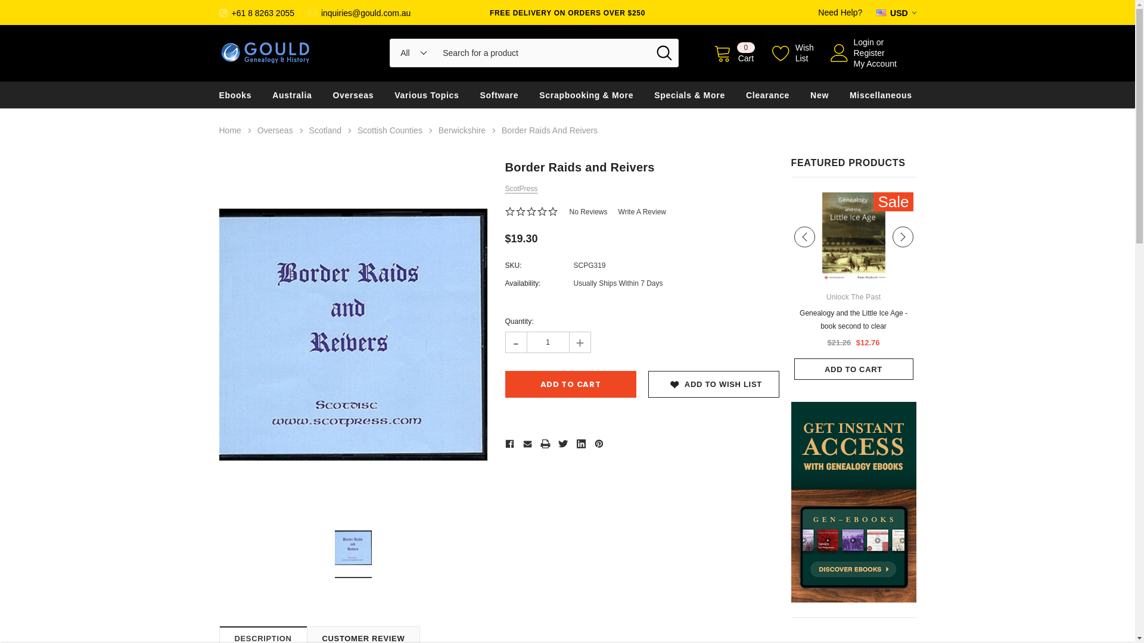 The width and height of the screenshot is (1144, 643). I want to click on 'Berwickshire', so click(461, 130).